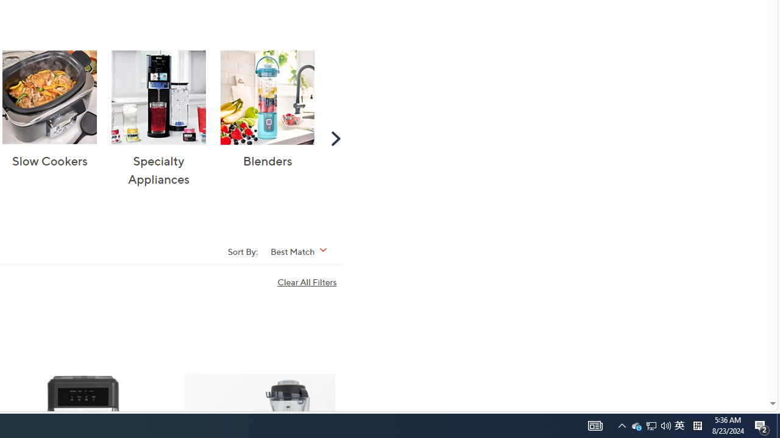 This screenshot has width=780, height=438. I want to click on 'Scroll Right', so click(336, 137).